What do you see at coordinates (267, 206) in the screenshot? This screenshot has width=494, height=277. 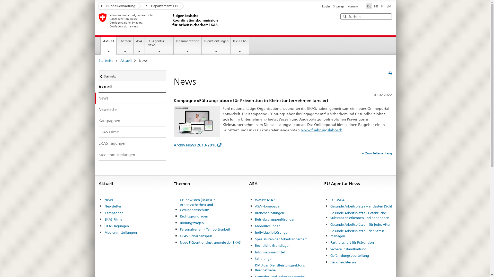 I see `'ASA-Homepage'` at bounding box center [267, 206].